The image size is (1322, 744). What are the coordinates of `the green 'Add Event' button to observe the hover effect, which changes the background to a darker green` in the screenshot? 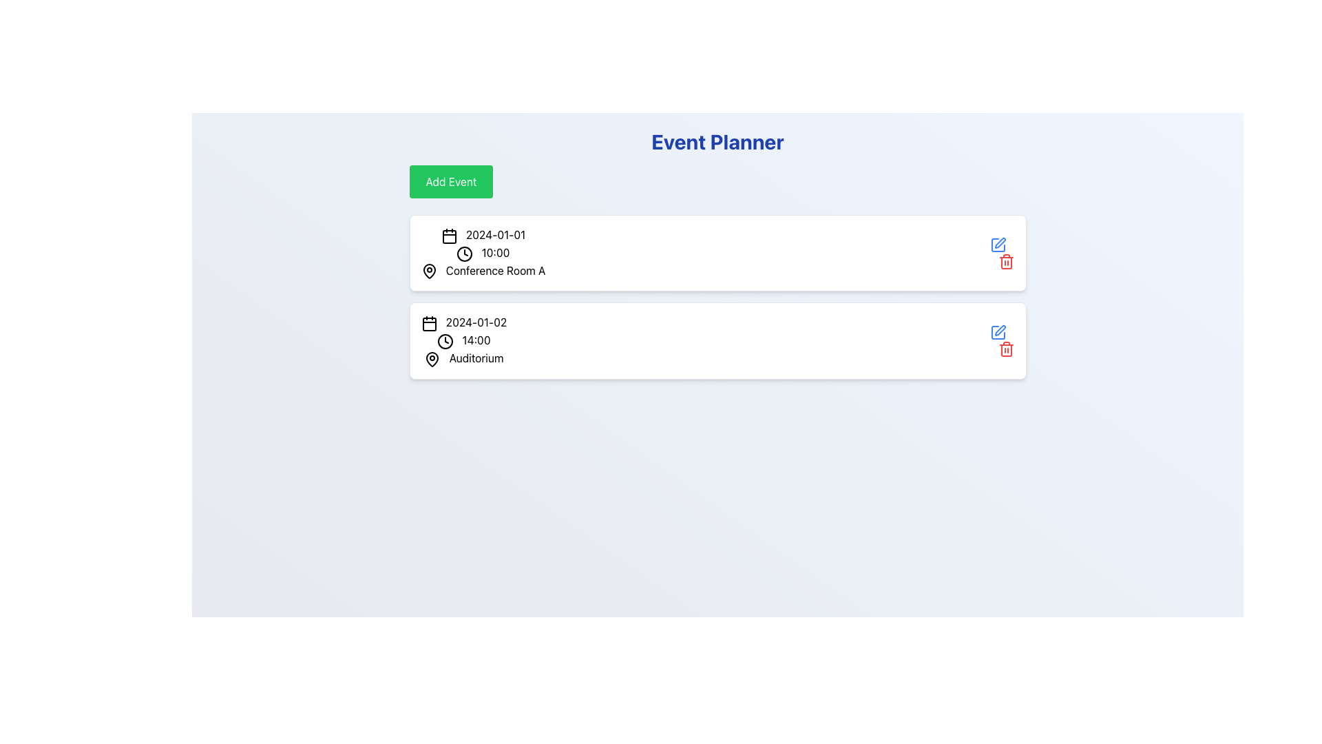 It's located at (451, 180).